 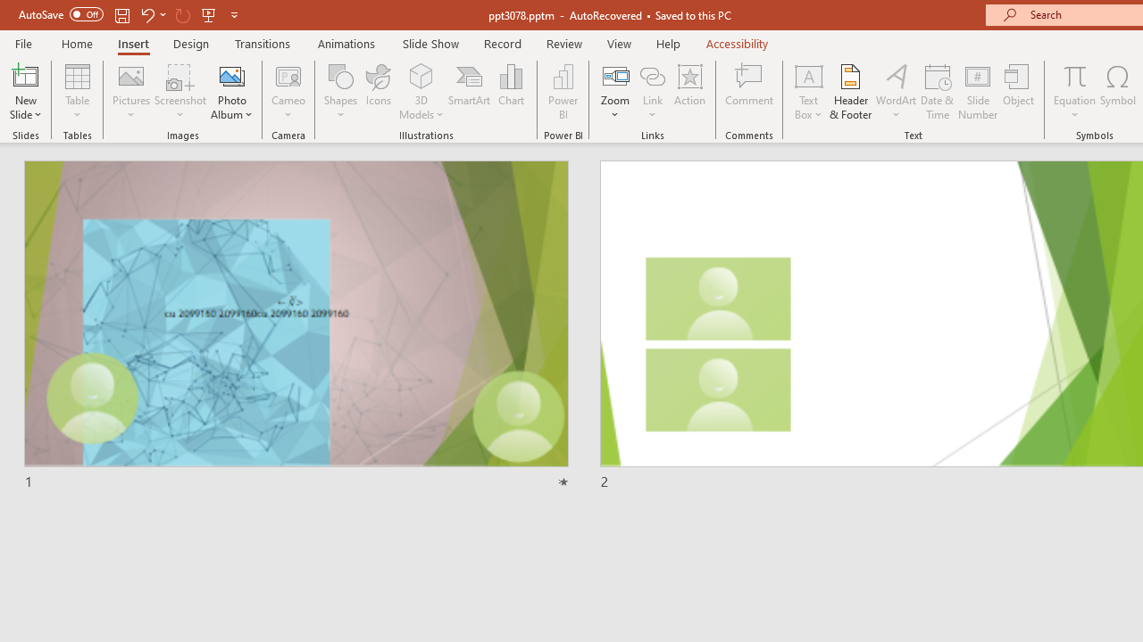 What do you see at coordinates (77, 92) in the screenshot?
I see `'Table'` at bounding box center [77, 92].